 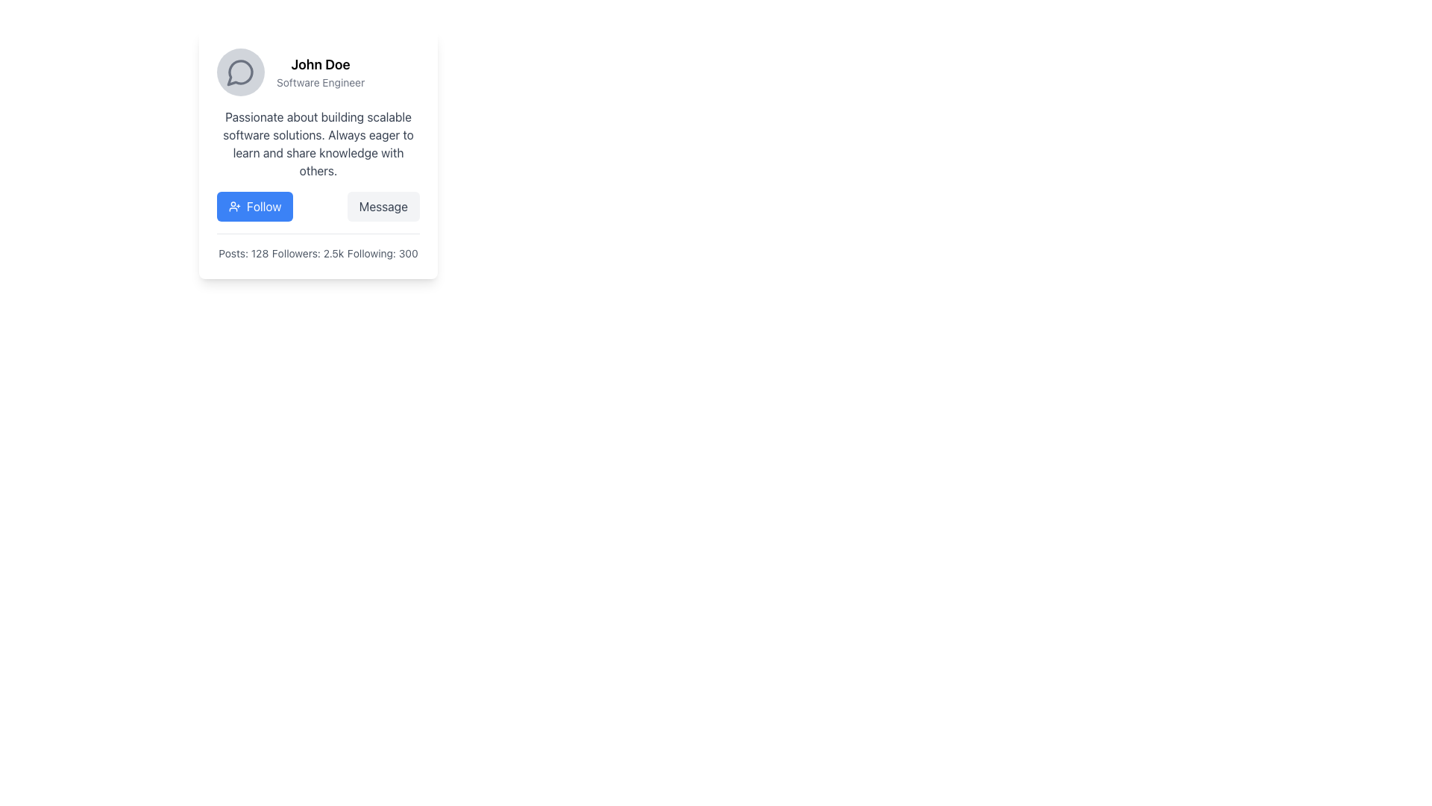 What do you see at coordinates (383, 207) in the screenshot?
I see `the 'Message' button` at bounding box center [383, 207].